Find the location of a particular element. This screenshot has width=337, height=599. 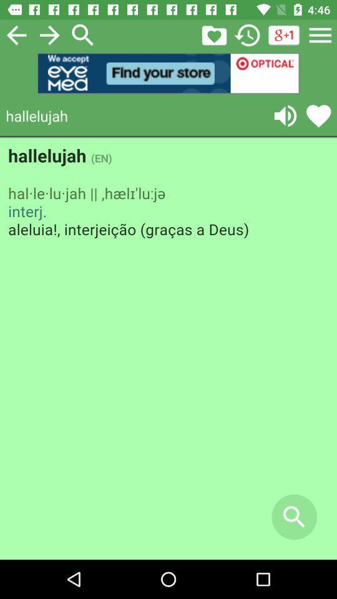

visit eye med is located at coordinates (168, 73).